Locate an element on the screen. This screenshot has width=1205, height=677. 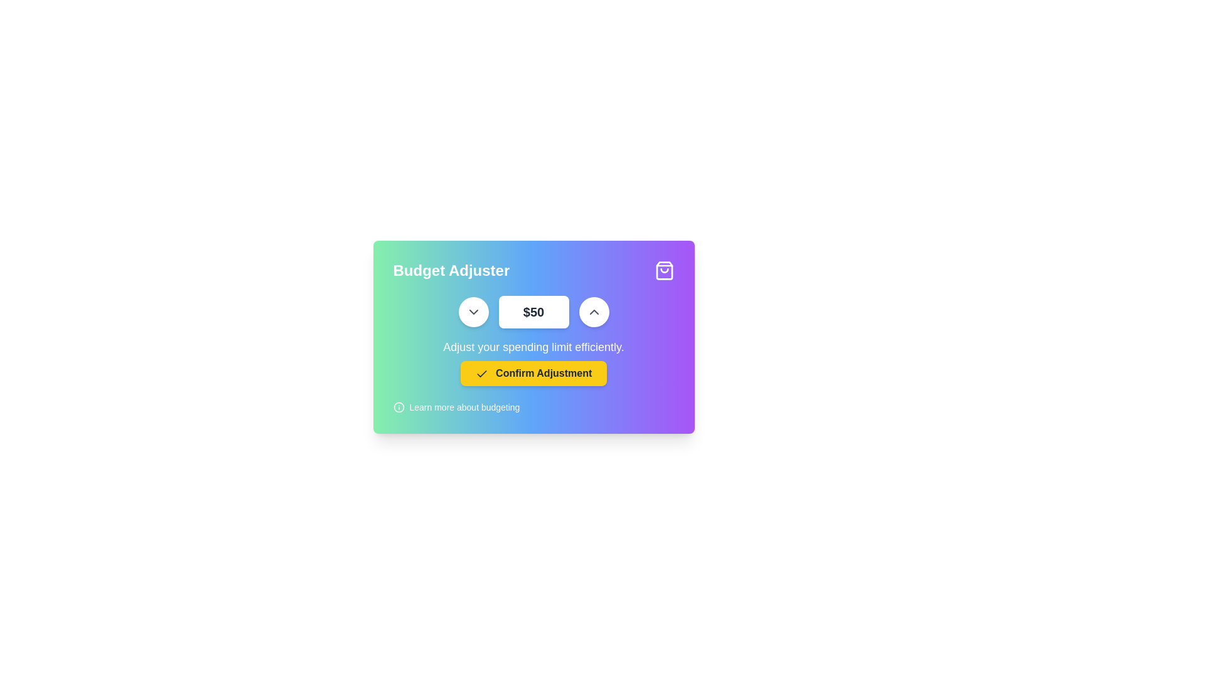
the icon located to the left of the text 'Learn more about budgeting' is located at coordinates (398, 407).